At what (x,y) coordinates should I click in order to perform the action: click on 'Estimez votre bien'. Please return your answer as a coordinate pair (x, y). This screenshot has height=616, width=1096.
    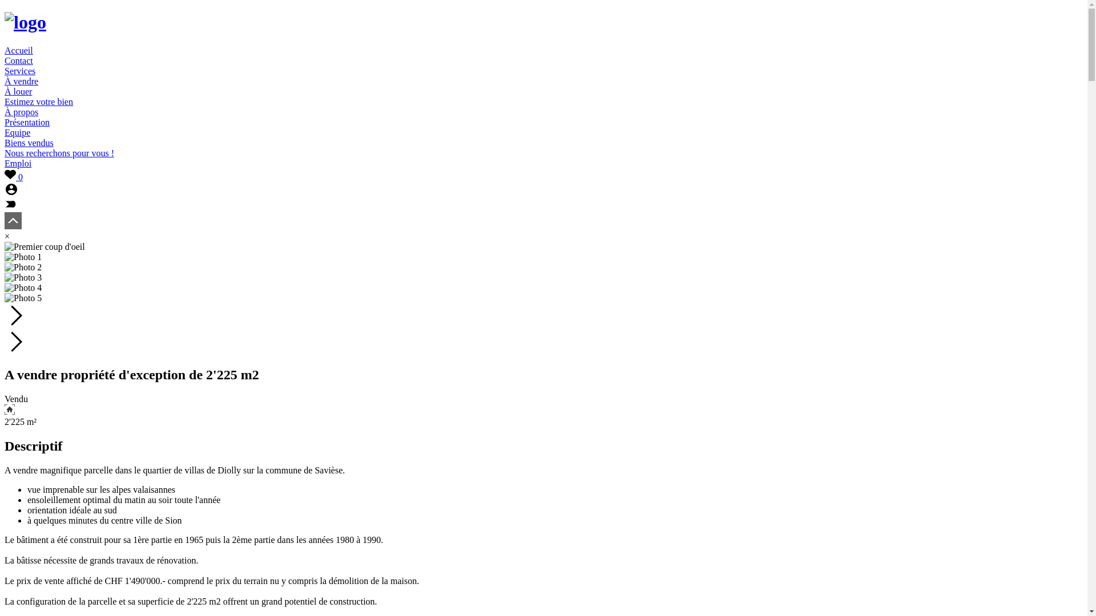
    Looking at the image, I should click on (5, 101).